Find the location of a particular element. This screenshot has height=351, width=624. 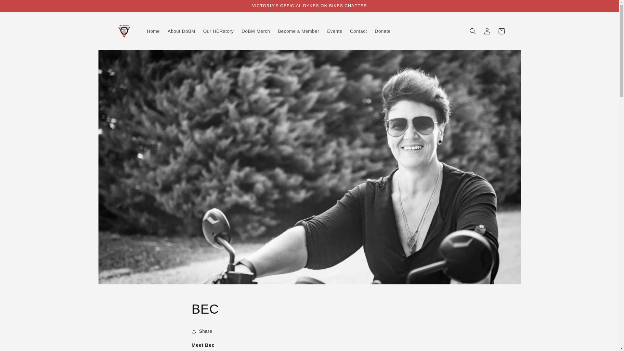

'Become a Member' is located at coordinates (298, 31).